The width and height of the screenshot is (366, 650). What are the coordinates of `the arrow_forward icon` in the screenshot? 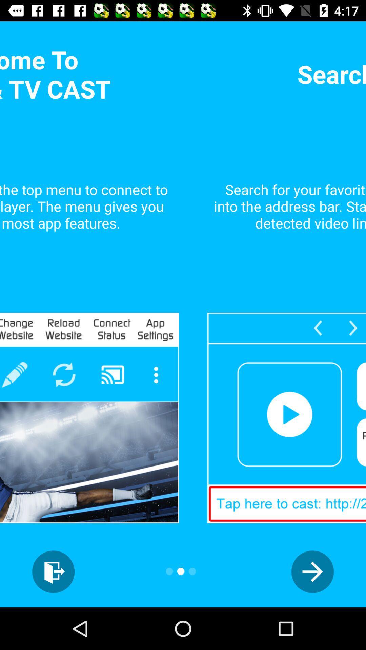 It's located at (312, 571).